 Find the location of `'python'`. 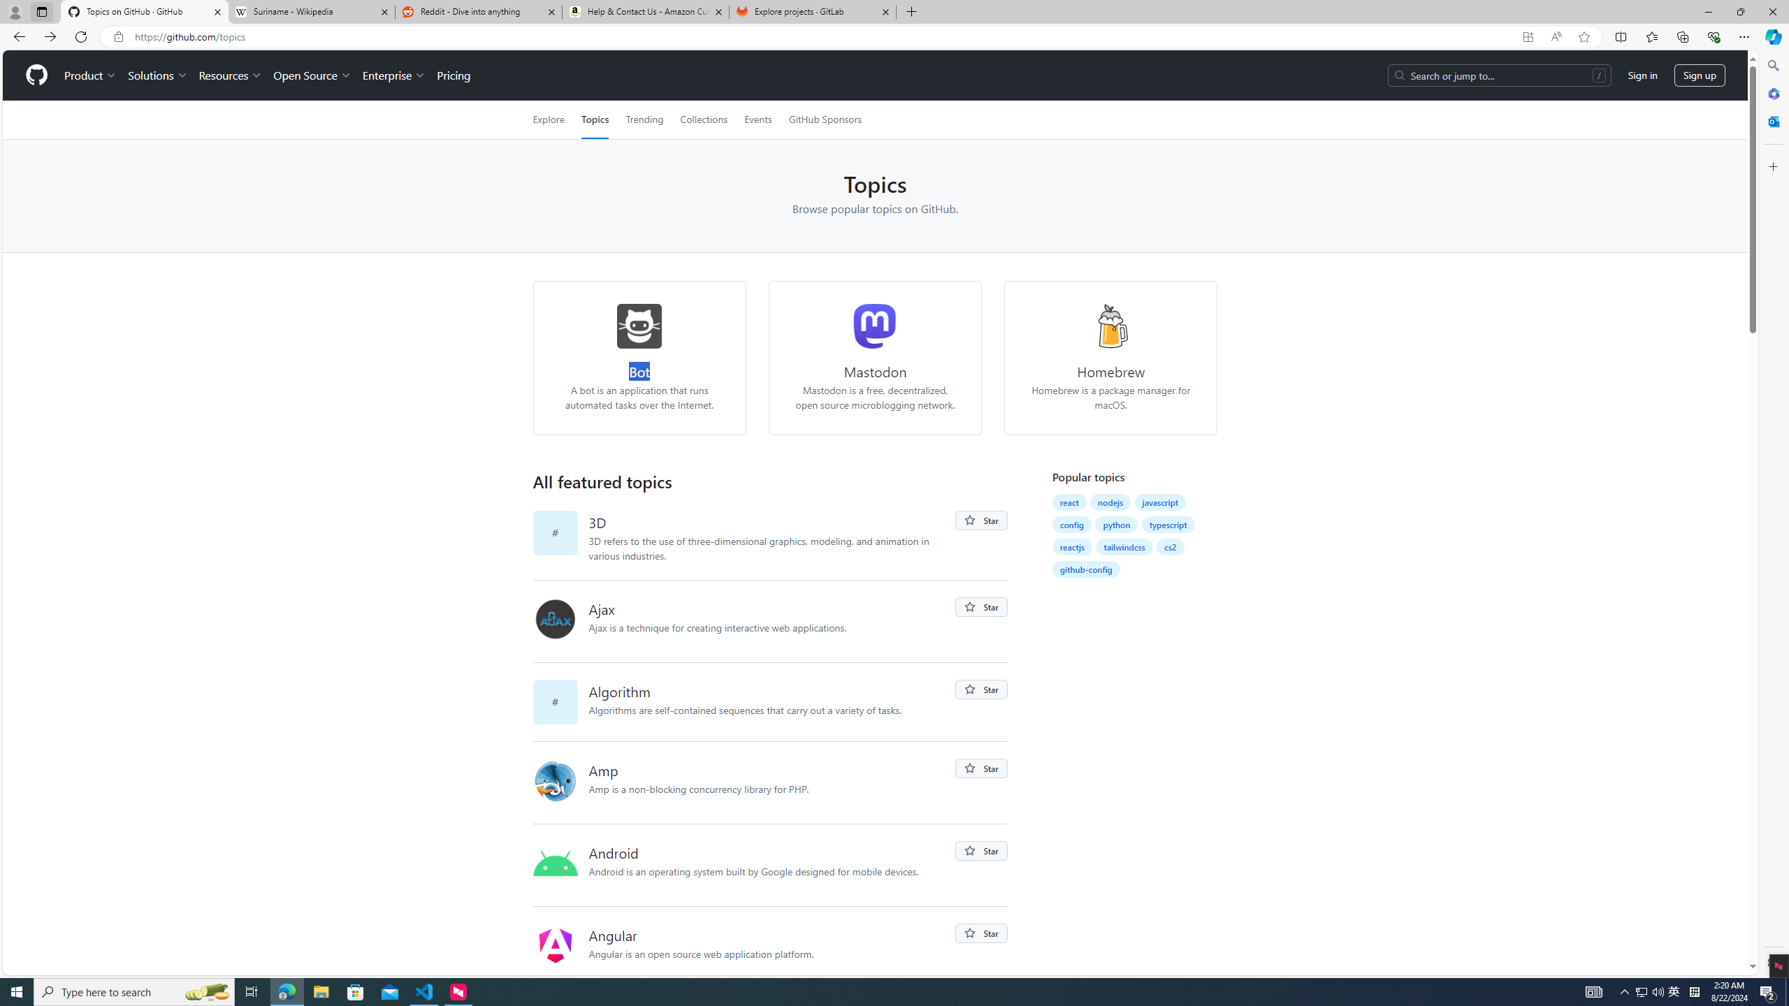

'python' is located at coordinates (1116, 524).